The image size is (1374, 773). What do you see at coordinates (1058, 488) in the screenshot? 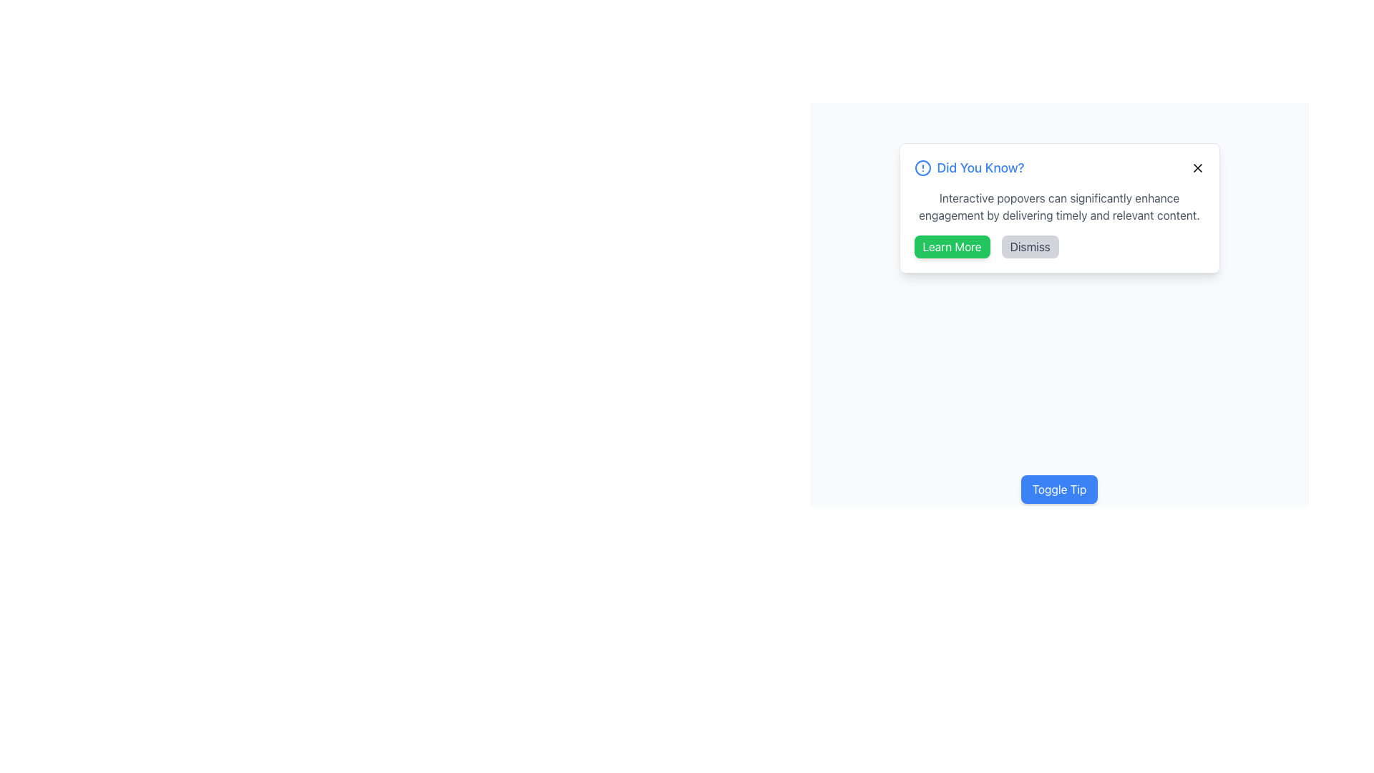
I see `the 'Toggle Tip' button, which has a blue background and white text, located near the bottom of the interface` at bounding box center [1058, 488].